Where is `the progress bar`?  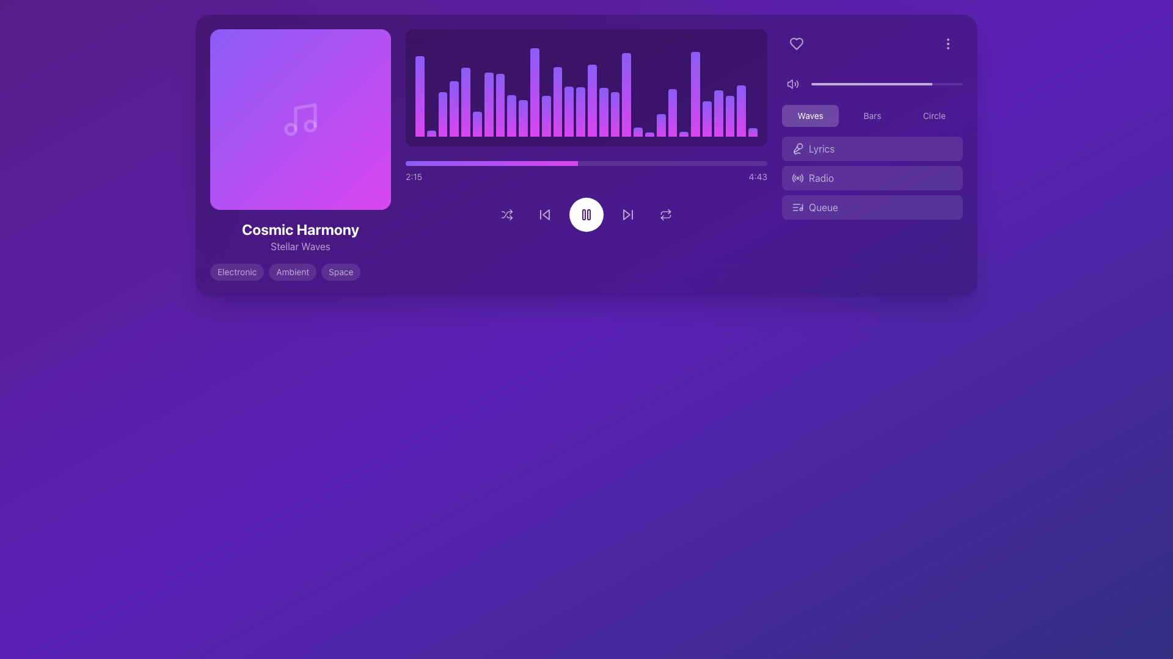
the progress bar is located at coordinates (597, 162).